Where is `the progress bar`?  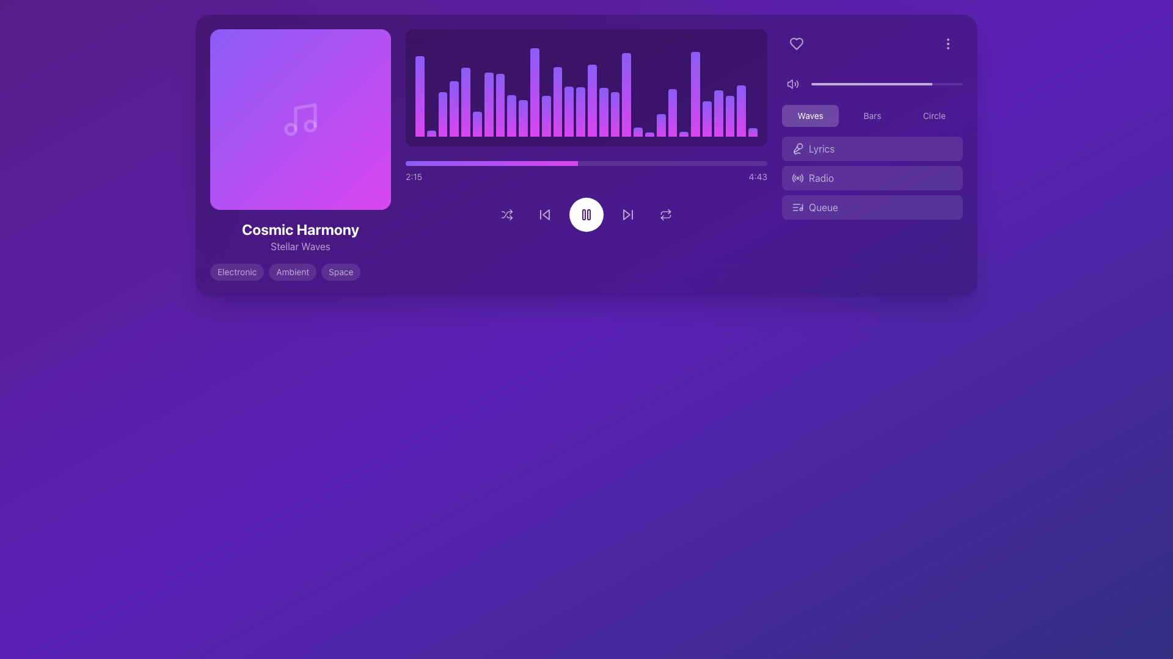
the progress bar is located at coordinates (597, 162).